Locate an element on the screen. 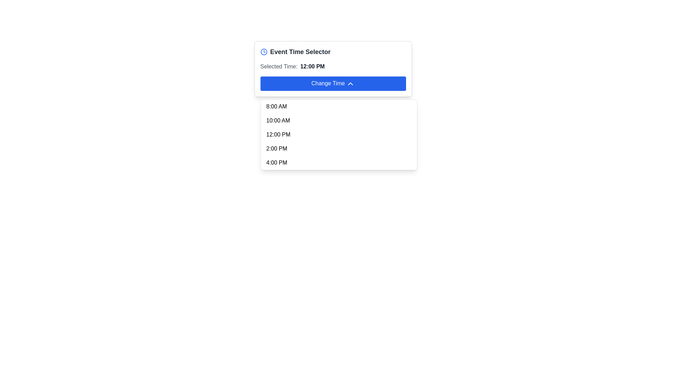 The height and width of the screenshot is (379, 675). the list item displaying '2:00 PM' is located at coordinates (339, 148).